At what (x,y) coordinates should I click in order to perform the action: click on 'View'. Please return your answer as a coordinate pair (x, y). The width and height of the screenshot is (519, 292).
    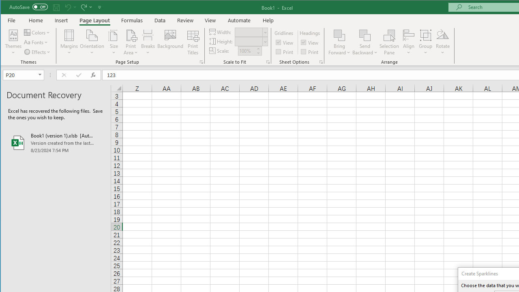
    Looking at the image, I should click on (310, 42).